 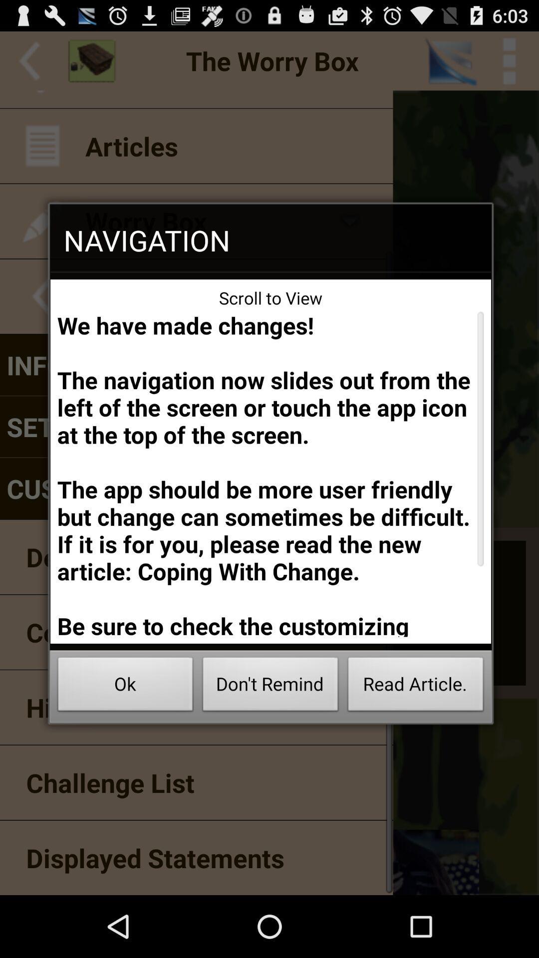 I want to click on item at the bottom left corner, so click(x=125, y=687).